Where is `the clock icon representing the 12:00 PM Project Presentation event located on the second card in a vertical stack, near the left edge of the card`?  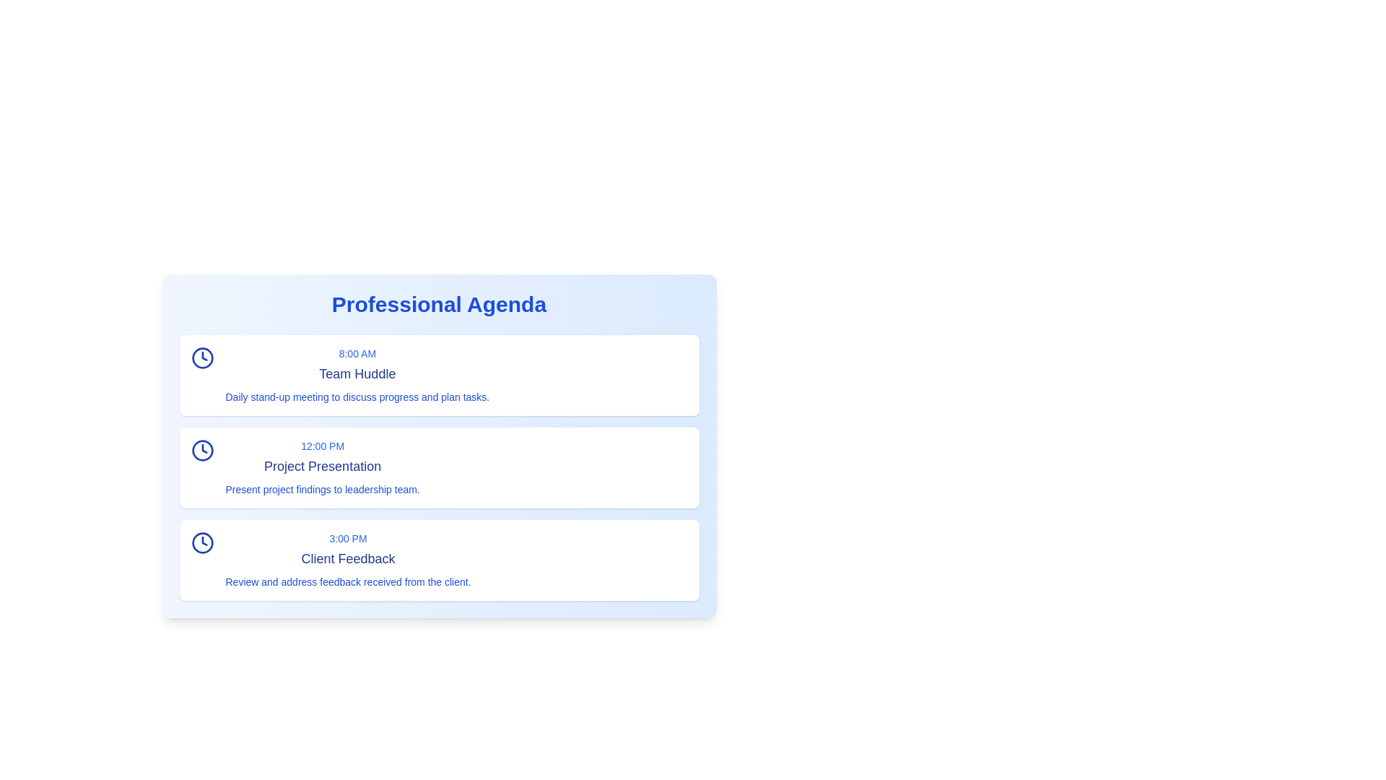 the clock icon representing the 12:00 PM Project Presentation event located on the second card in a vertical stack, near the left edge of the card is located at coordinates (201, 450).